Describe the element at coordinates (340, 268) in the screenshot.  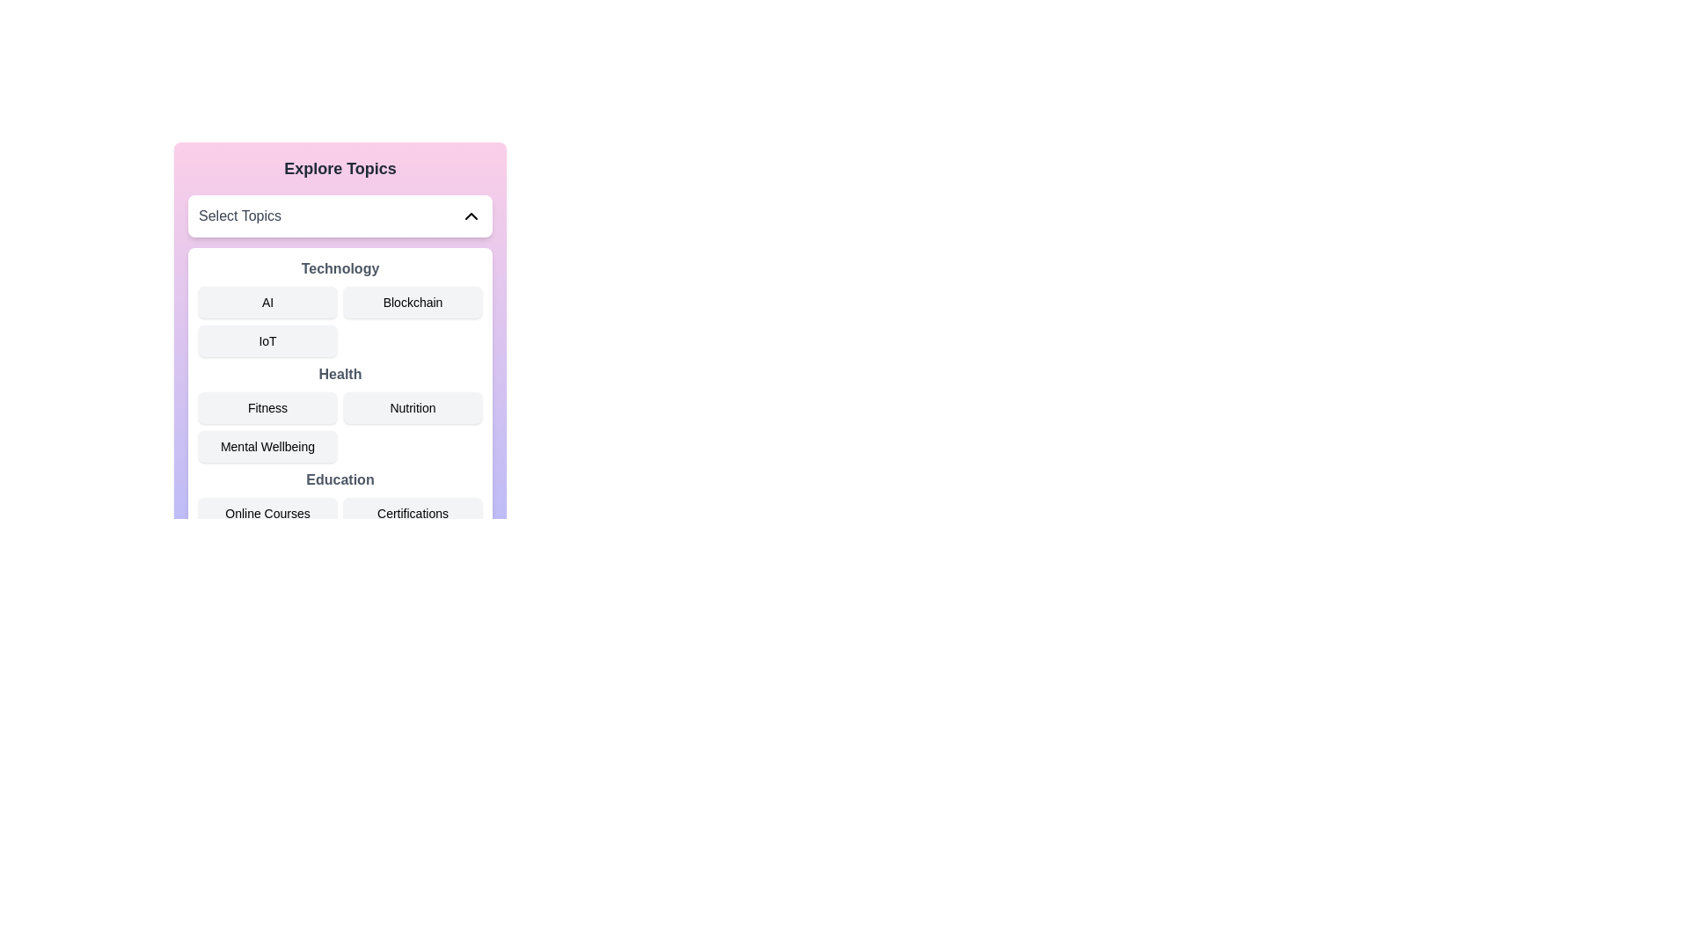
I see `the text label heading that serves as a title for the group of buttons (AI, Blockchain, IoT) to potentially reveal more options or details` at that location.